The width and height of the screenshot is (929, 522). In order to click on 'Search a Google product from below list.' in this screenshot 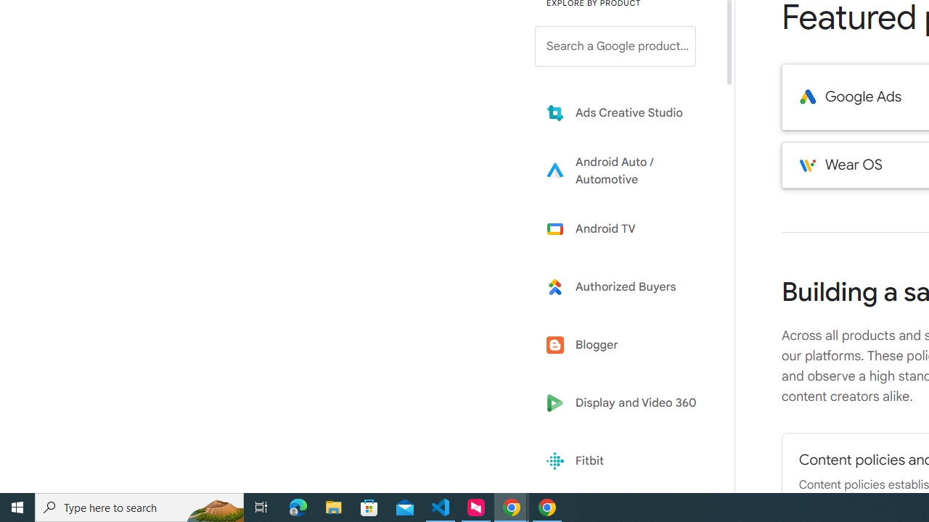, I will do `click(615, 46)`.